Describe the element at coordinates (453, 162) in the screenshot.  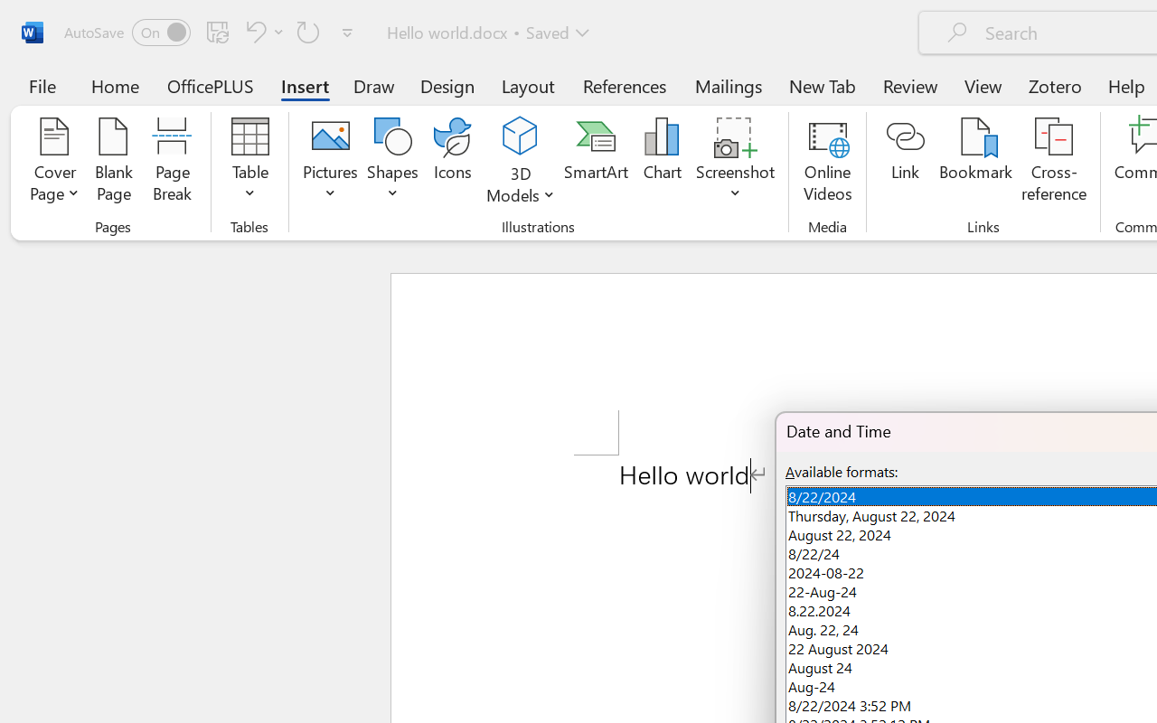
I see `'Icons'` at that location.